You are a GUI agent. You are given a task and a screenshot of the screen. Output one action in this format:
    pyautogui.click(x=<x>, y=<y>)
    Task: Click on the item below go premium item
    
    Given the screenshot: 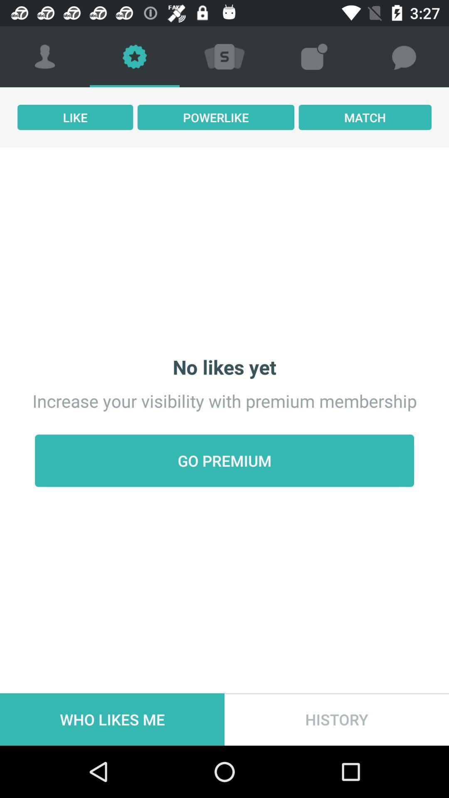 What is the action you would take?
    pyautogui.click(x=337, y=719)
    